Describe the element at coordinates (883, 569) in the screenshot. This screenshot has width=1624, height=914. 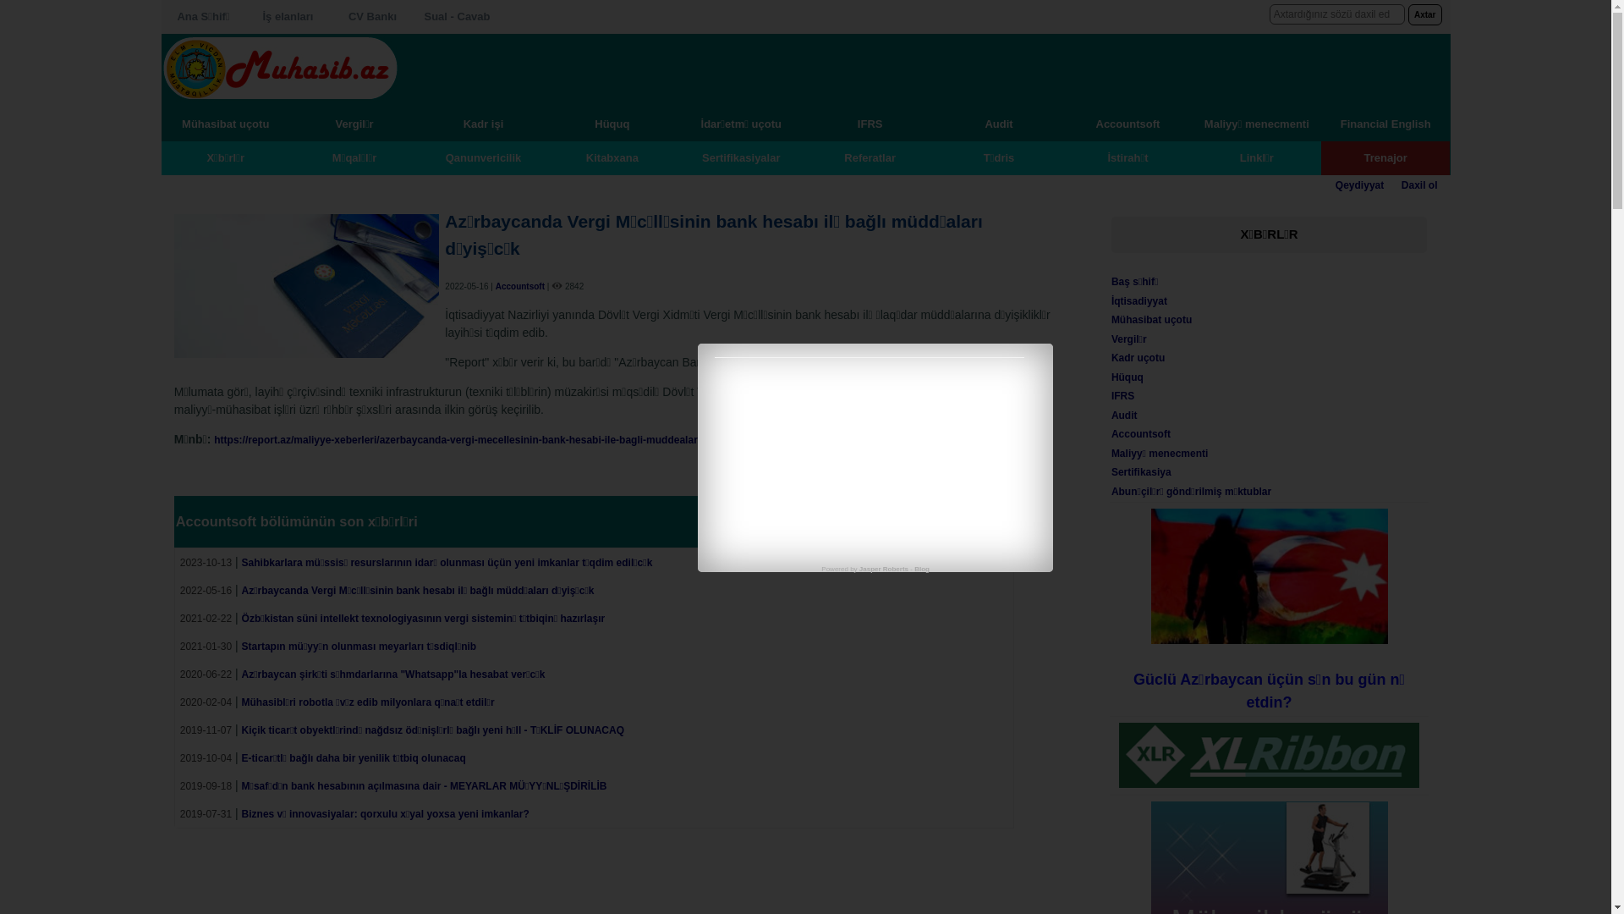
I see `'Jasper Roberts'` at that location.